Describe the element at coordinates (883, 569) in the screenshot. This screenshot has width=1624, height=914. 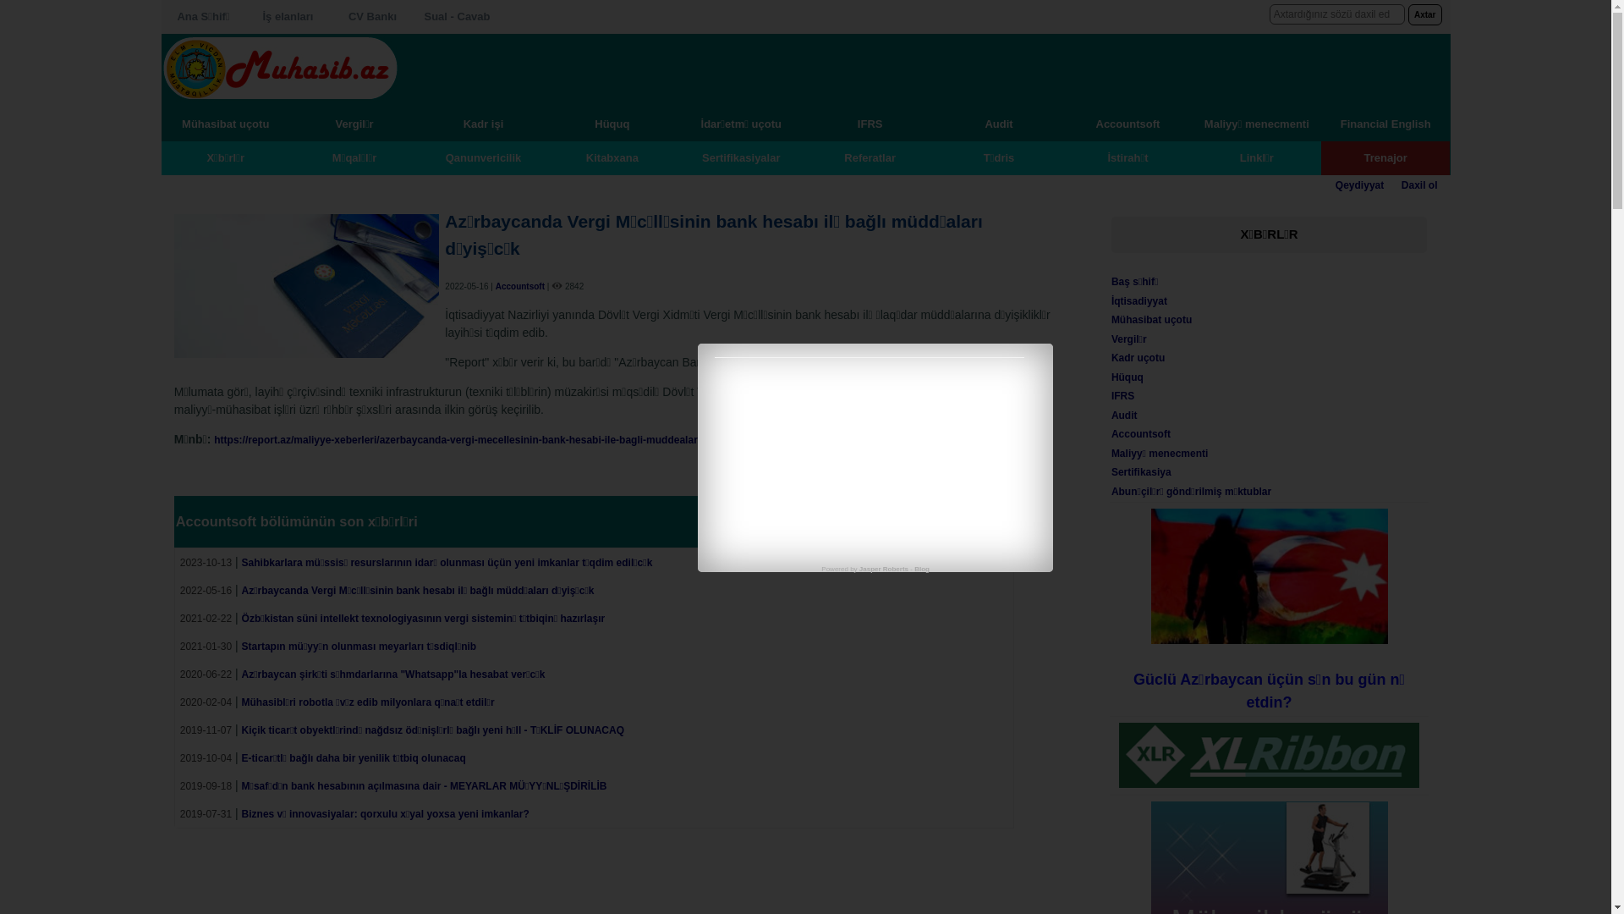
I see `'Jasper Roberts'` at that location.